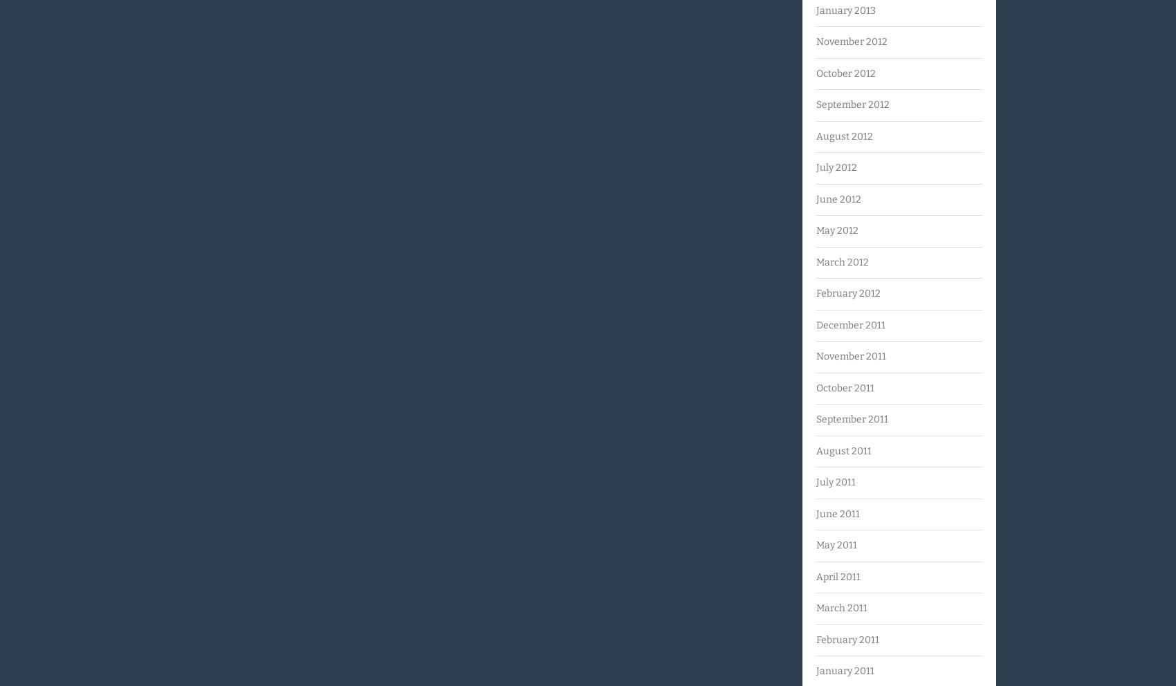  What do you see at coordinates (847, 293) in the screenshot?
I see `'February 2012'` at bounding box center [847, 293].